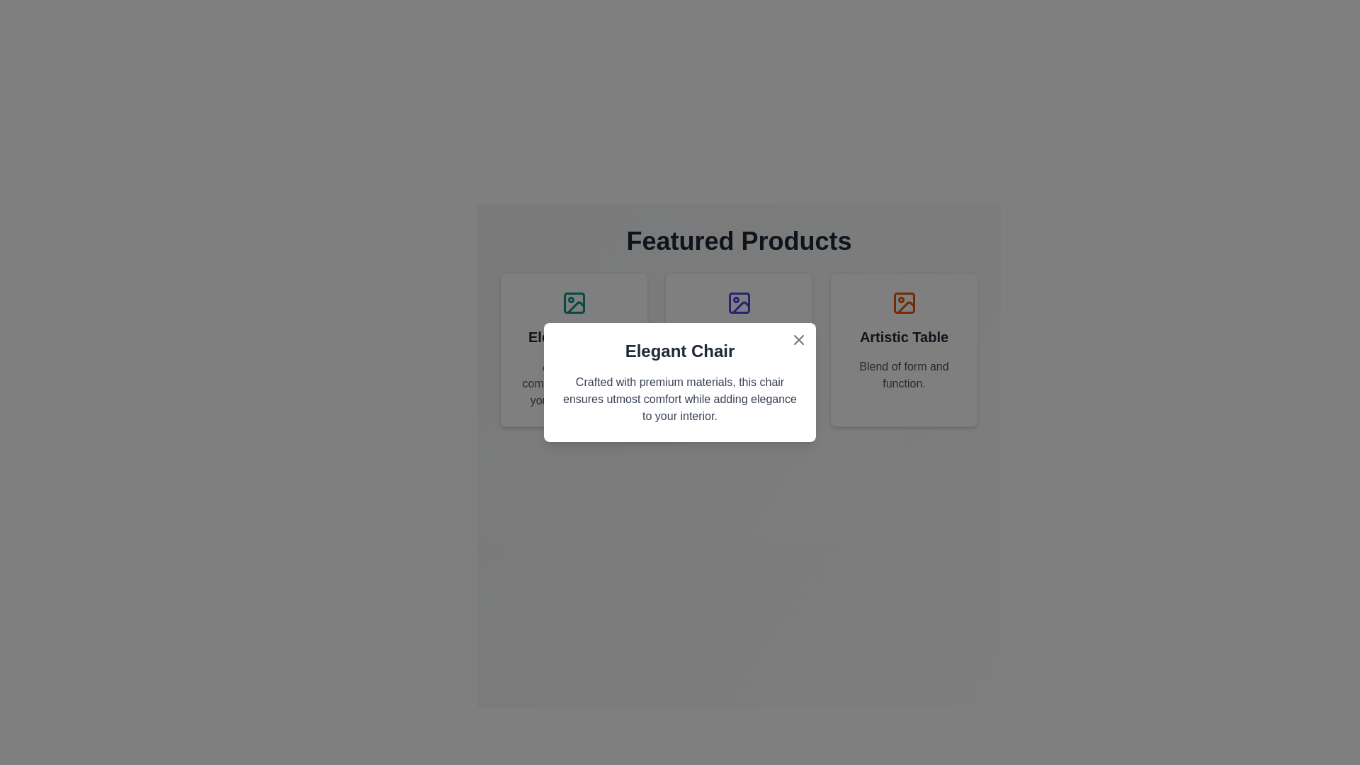  I want to click on the Close button located in the top-right corner of the 'Elegant Chair' modal, so click(799, 339).